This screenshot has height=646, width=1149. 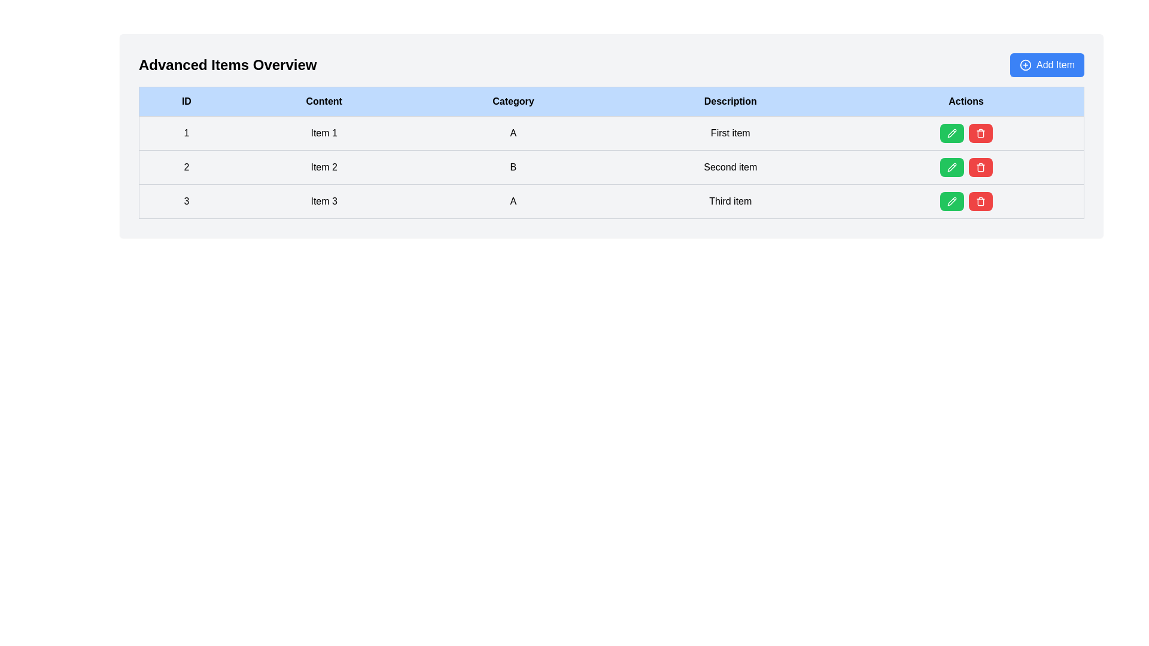 I want to click on the pencil icon within the green 'Edit' button in the 'Actions' column of the first row of the table, so click(x=951, y=133).